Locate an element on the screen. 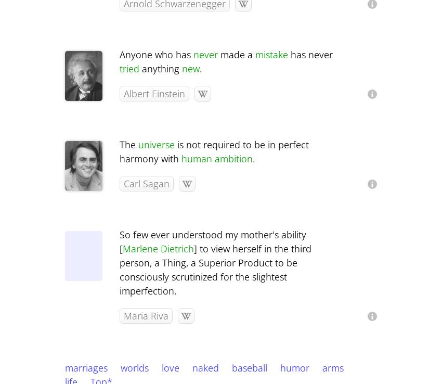 The height and width of the screenshot is (384, 442). 'baseball' is located at coordinates (249, 368).